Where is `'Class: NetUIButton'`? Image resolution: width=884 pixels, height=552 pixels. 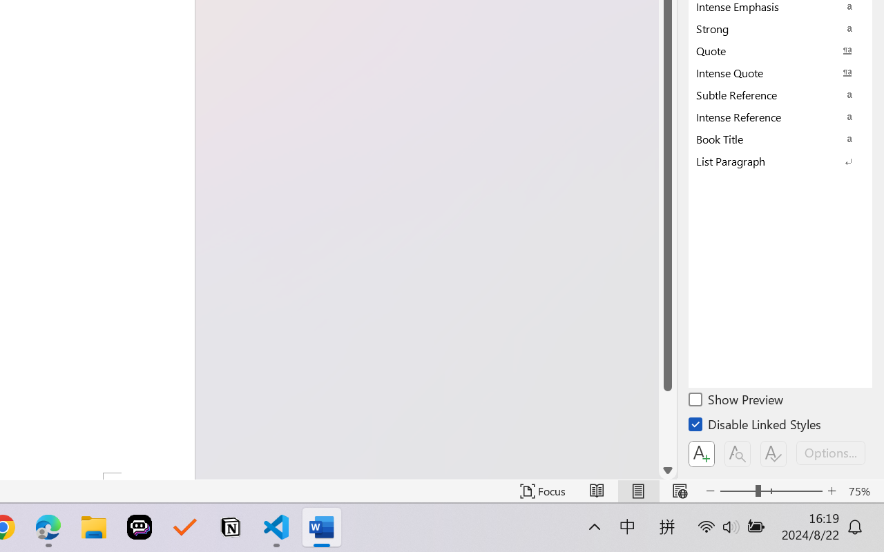
'Class: NetUIButton' is located at coordinates (773, 453).